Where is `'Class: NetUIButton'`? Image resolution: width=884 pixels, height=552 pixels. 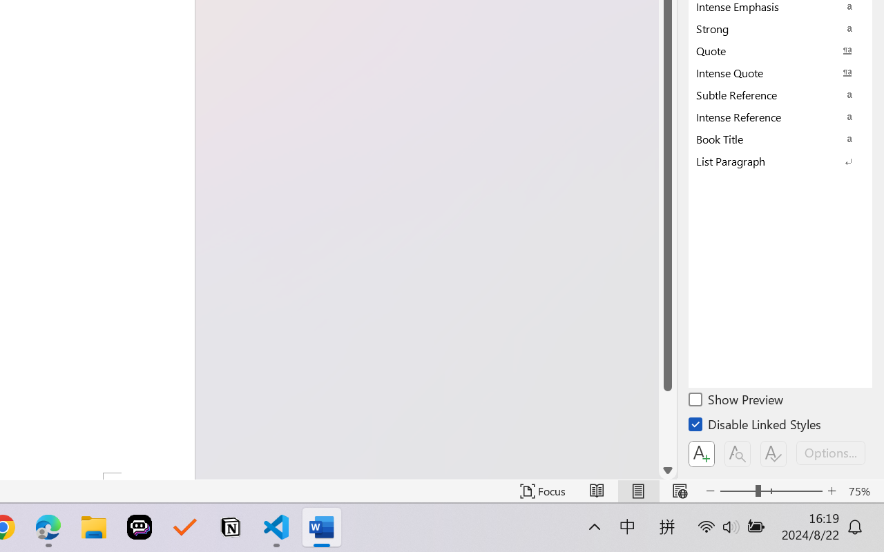
'Class: NetUIButton' is located at coordinates (773, 453).